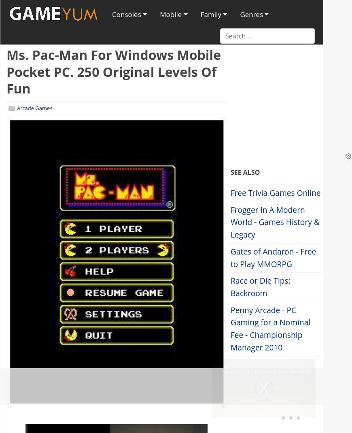 The image size is (352, 433). What do you see at coordinates (172, 14) in the screenshot?
I see `'Mobile'` at bounding box center [172, 14].